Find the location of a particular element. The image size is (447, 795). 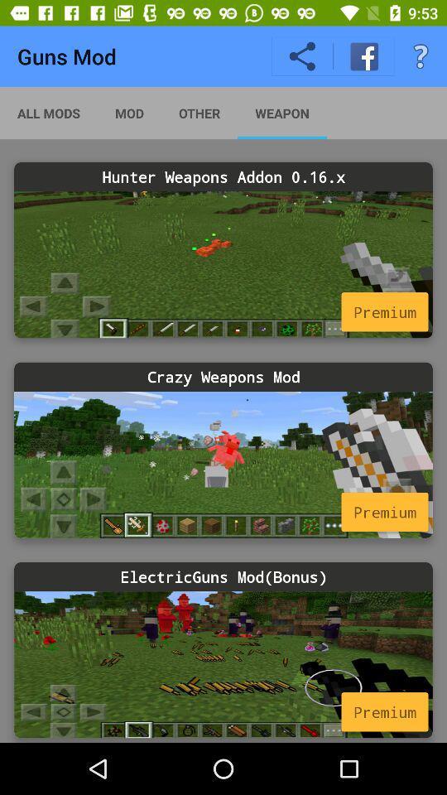

electricguns mod(bonus) is located at coordinates (223, 576).